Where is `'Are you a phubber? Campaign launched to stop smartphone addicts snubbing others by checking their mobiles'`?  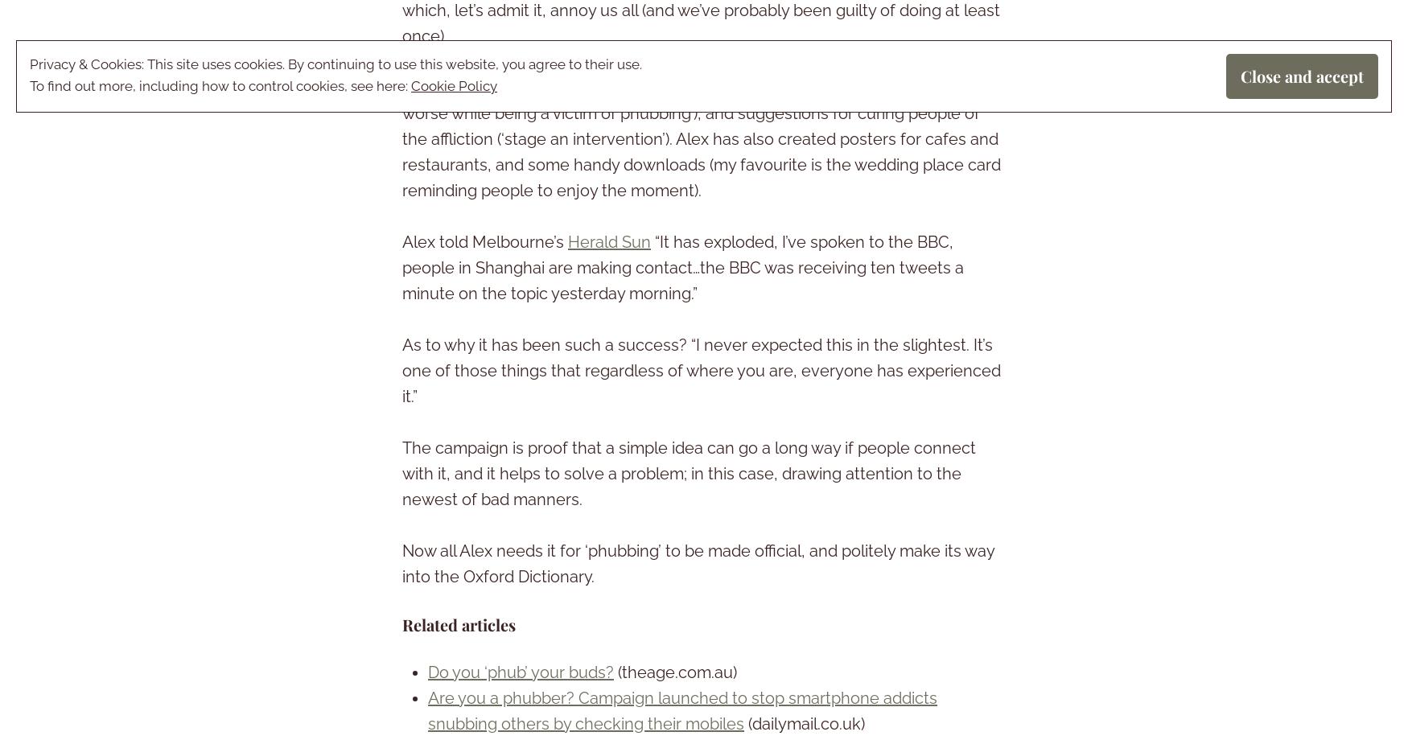 'Are you a phubber? Campaign launched to stop smartphone addicts snubbing others by checking their mobiles' is located at coordinates (682, 710).